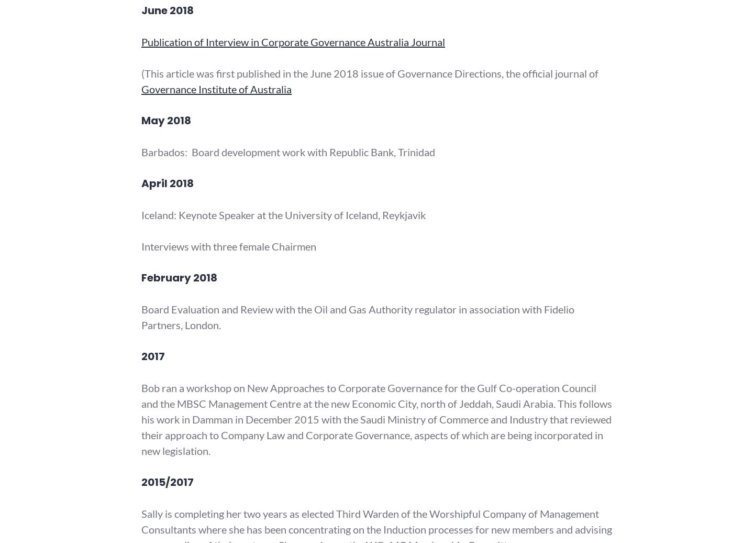  Describe the element at coordinates (358, 317) in the screenshot. I see `'Board Evaluation and Review with the Oil and Gas Authority regulator in association with Fidelio Partners, London.'` at that location.